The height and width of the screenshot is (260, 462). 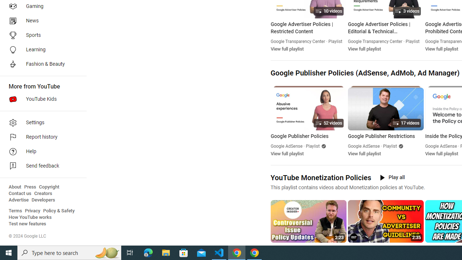 What do you see at coordinates (59, 211) in the screenshot?
I see `'Policy & Safety'` at bounding box center [59, 211].